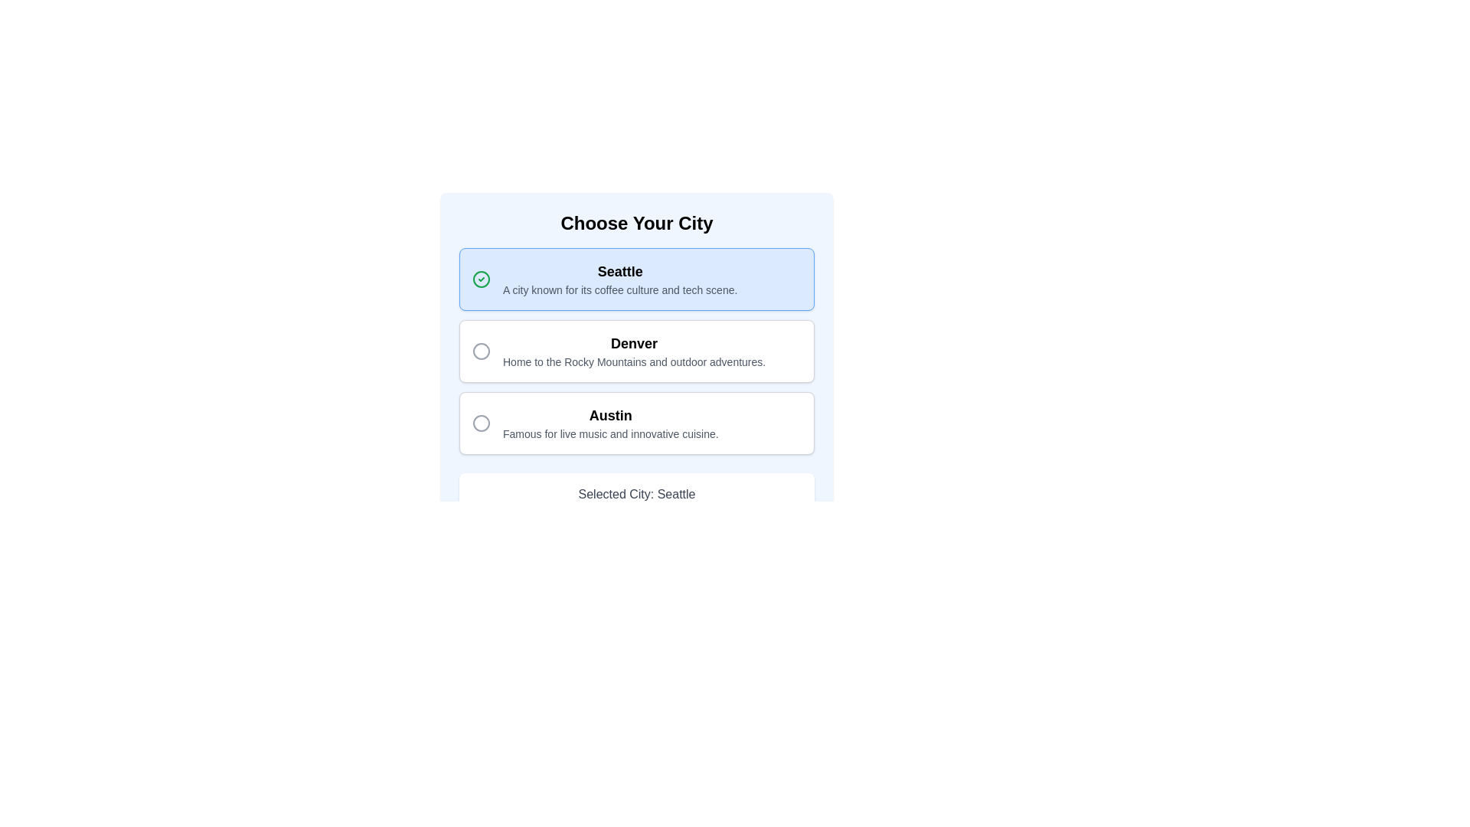 The height and width of the screenshot is (827, 1470). I want to click on the circular icon with a thin gray outline located to the left of the text 'Austin Famous for live music and innovative cuisine' within the third selectable card, so click(480, 423).